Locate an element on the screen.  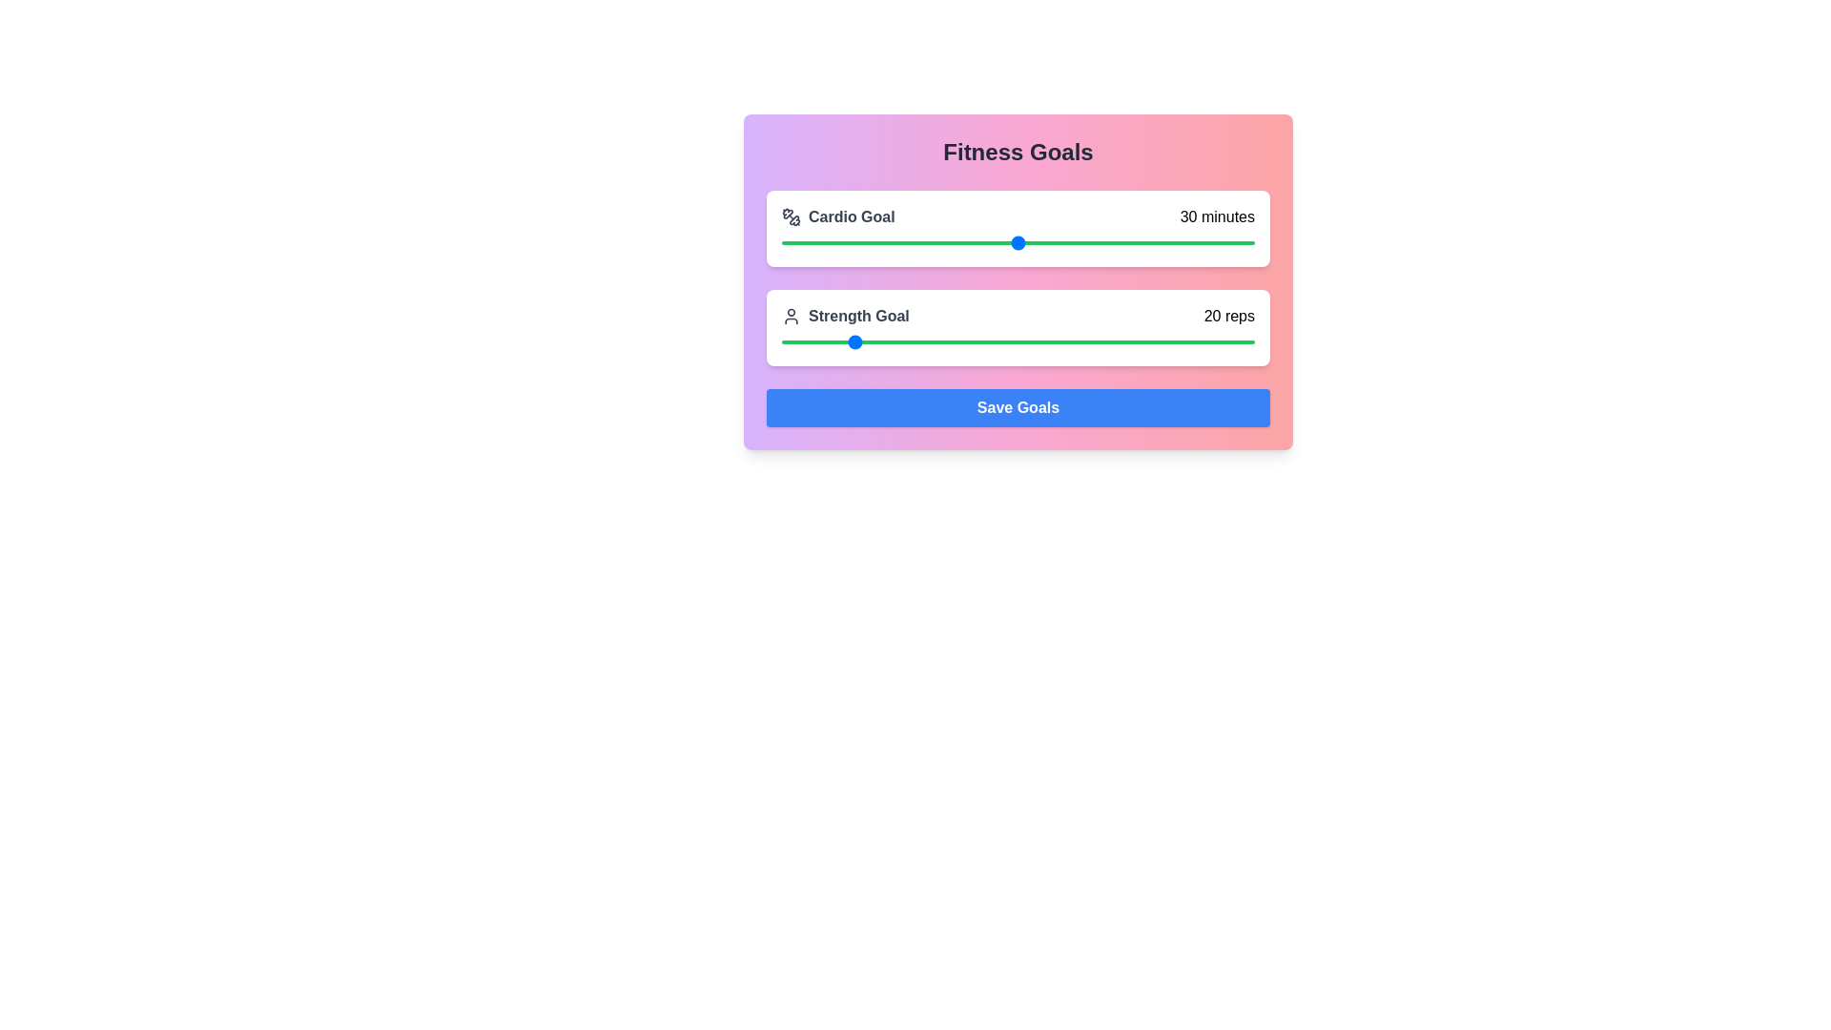
the cardio goal is located at coordinates (867, 241).